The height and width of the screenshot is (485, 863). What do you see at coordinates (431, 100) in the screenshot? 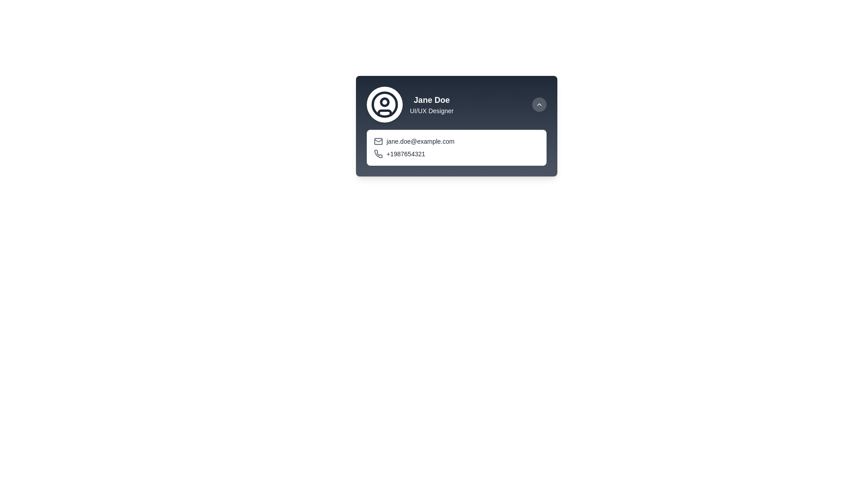
I see `text label displaying 'Jane Doe', which is styled in bold and is positioned in the upper section of the profile card next to the avatar icon` at bounding box center [431, 100].